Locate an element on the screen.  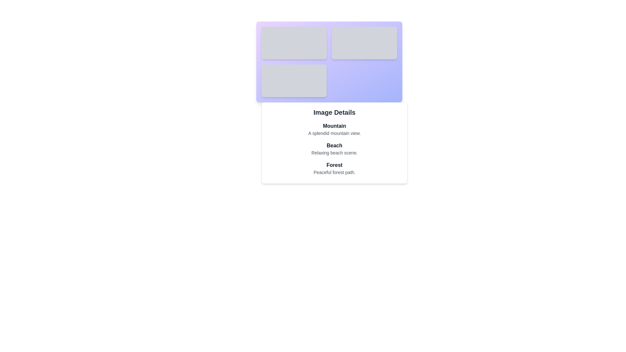
the second card in the top-right position of the grid layout for further interaction is located at coordinates (364, 43).